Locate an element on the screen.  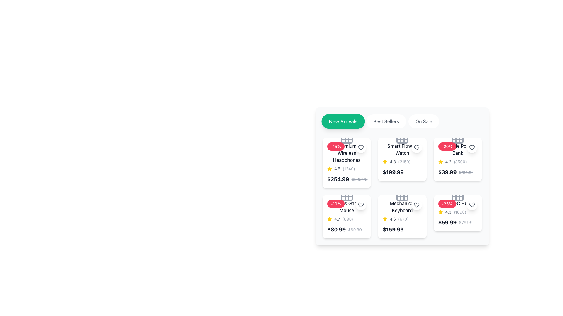
the star icon that visually represents a rating of 4.5 at the beginning of the rating section is located at coordinates (329, 169).